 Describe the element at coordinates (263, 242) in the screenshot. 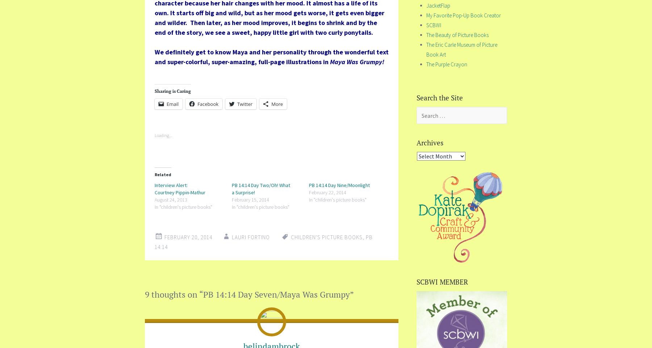

I see `'PB 14:14'` at that location.